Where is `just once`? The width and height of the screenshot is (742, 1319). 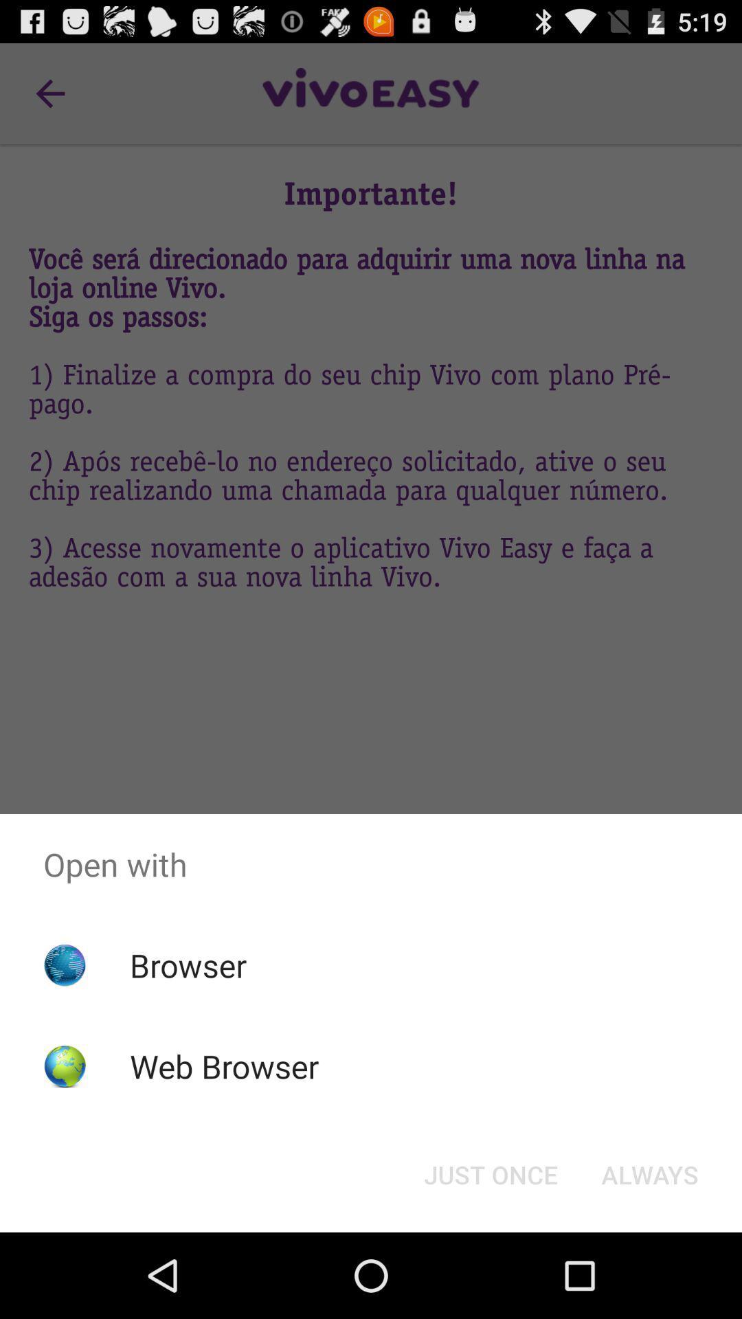
just once is located at coordinates (490, 1173).